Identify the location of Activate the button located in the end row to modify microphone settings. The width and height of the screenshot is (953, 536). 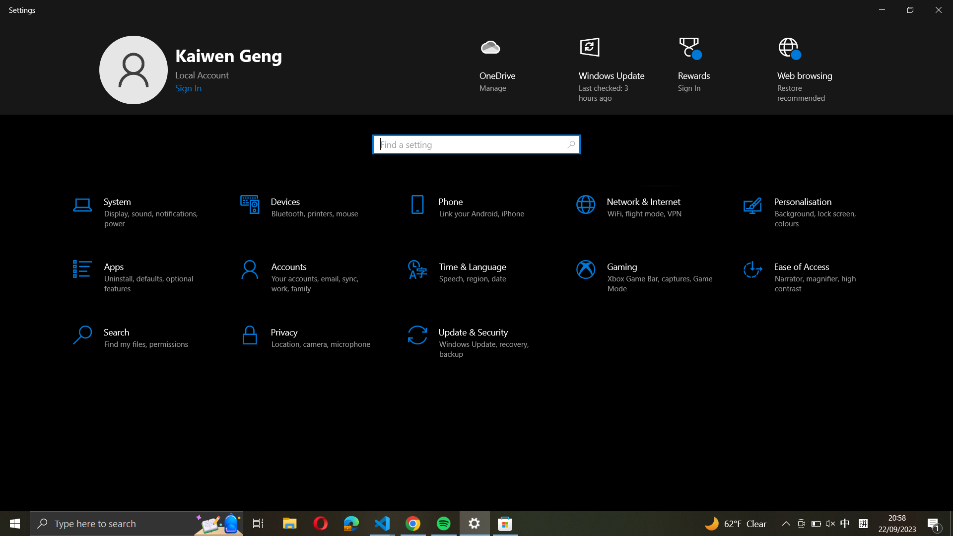
(309, 336).